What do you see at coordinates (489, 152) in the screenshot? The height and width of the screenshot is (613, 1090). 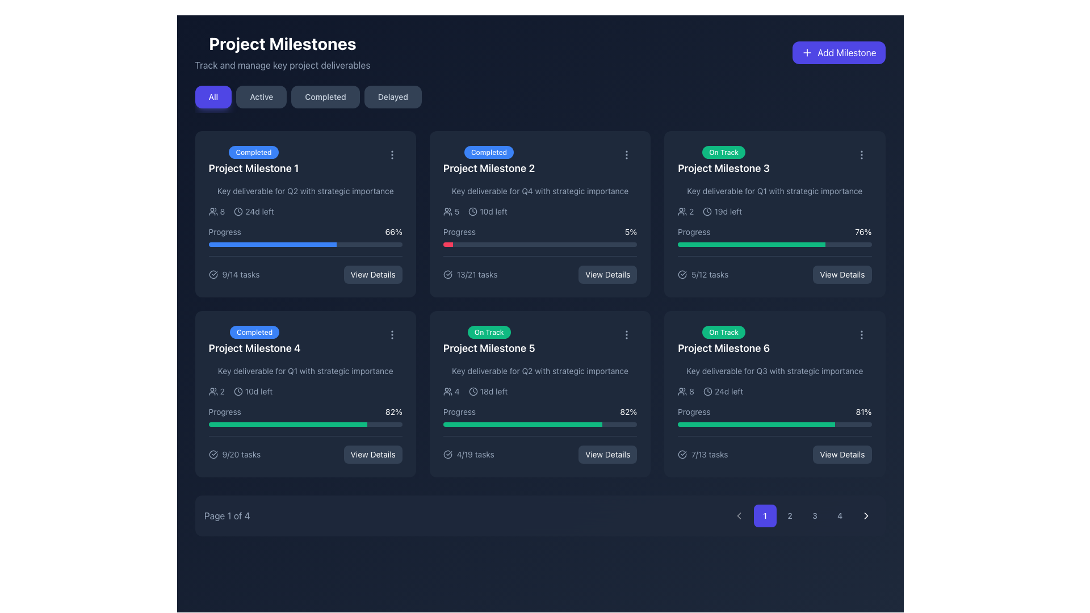 I see `the small pill-shaped label with a blue background displaying the word 'Completed', located at the top-left corner of the card labeled 'Project Milestone 2'` at bounding box center [489, 152].